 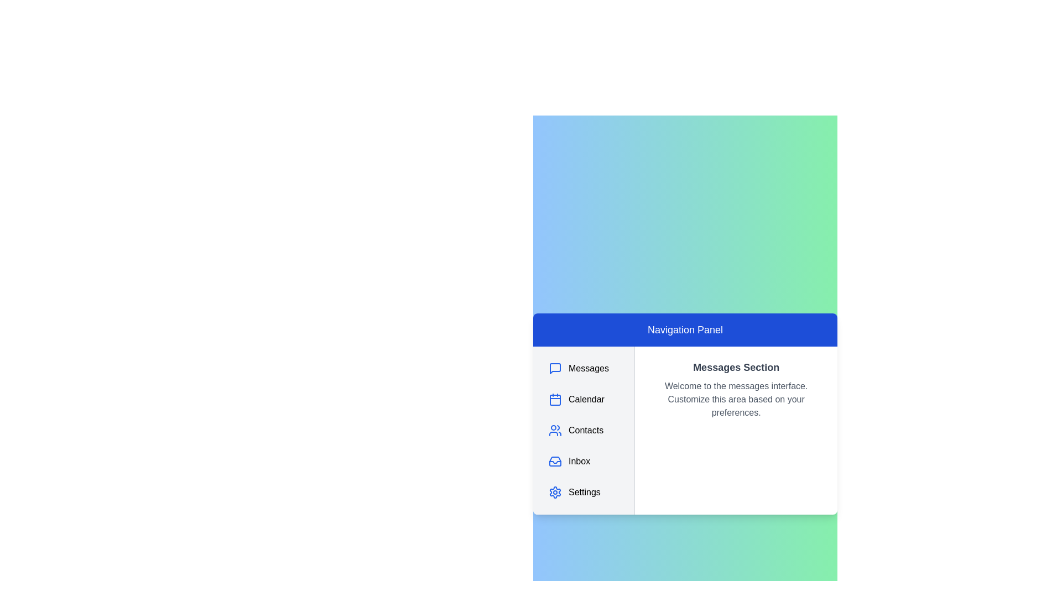 What do you see at coordinates (583, 399) in the screenshot?
I see `the navigation item Calendar to highlight it` at bounding box center [583, 399].